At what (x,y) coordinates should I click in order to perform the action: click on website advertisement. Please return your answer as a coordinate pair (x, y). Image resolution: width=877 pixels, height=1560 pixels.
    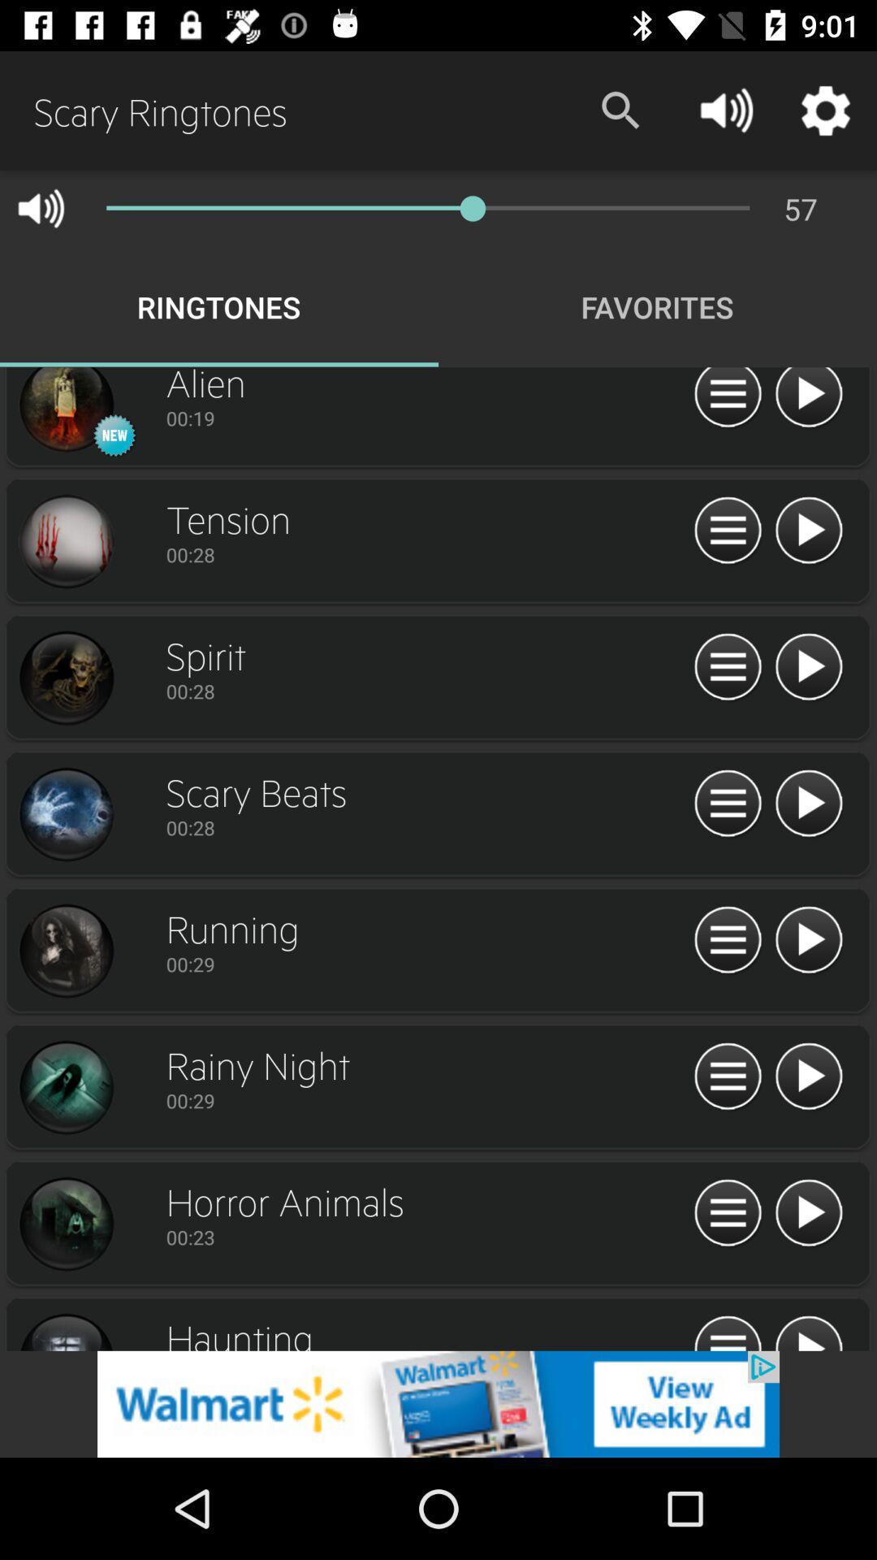
    Looking at the image, I should click on (438, 1403).